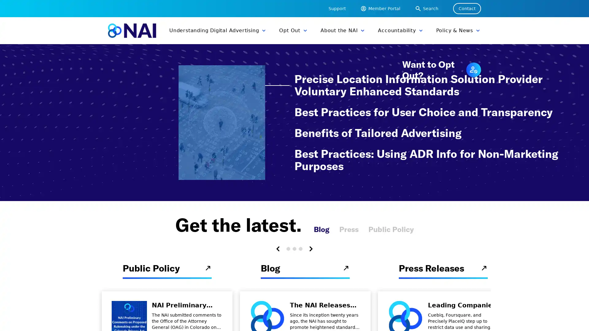  I want to click on Carousel Page 3, so click(300, 249).